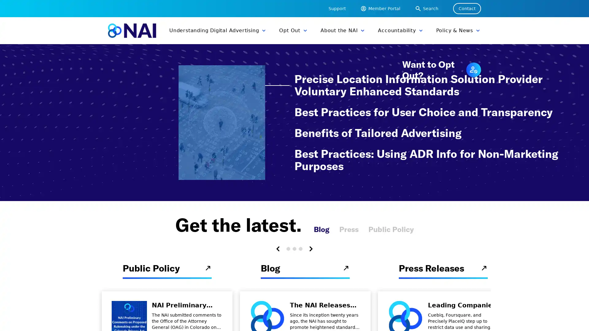  I want to click on Carousel Page 3, so click(300, 249).